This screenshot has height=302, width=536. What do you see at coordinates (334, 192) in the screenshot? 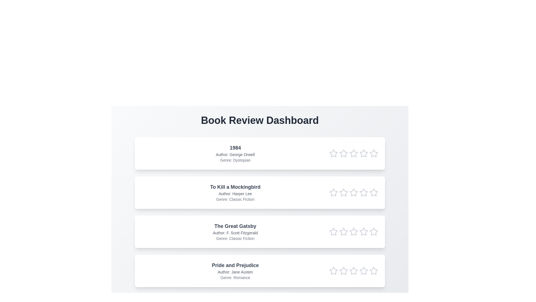
I see `the star corresponding to 1 in the rating row of the book titled To Kill a Mockingbird` at bounding box center [334, 192].